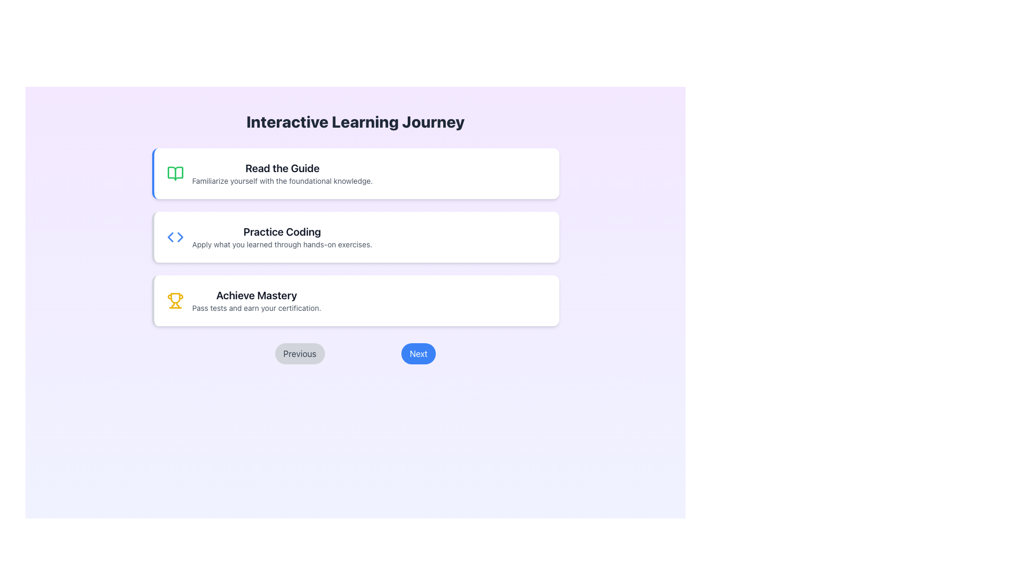  I want to click on the navigation button located at the bottom right corner of the interface, so click(418, 353).